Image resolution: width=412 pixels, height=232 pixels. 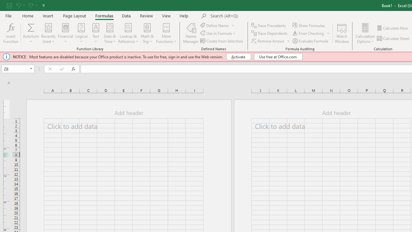 What do you see at coordinates (219, 33) in the screenshot?
I see `'Use in Formula'` at bounding box center [219, 33].